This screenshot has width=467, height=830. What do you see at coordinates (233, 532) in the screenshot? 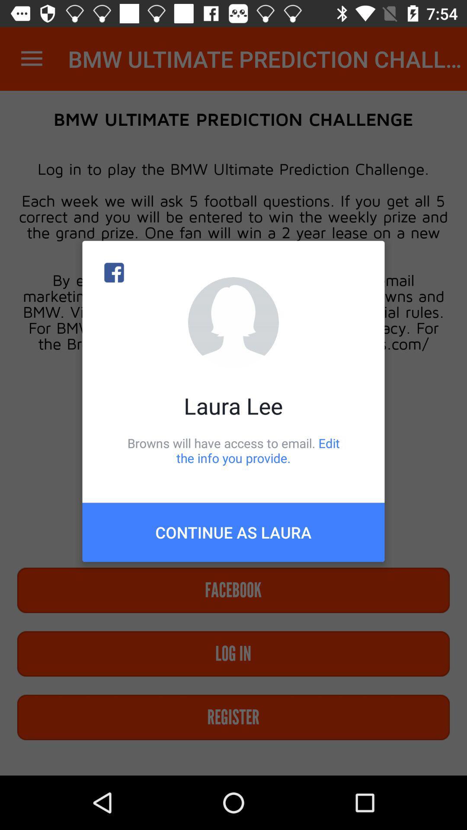
I see `continue as laura` at bounding box center [233, 532].